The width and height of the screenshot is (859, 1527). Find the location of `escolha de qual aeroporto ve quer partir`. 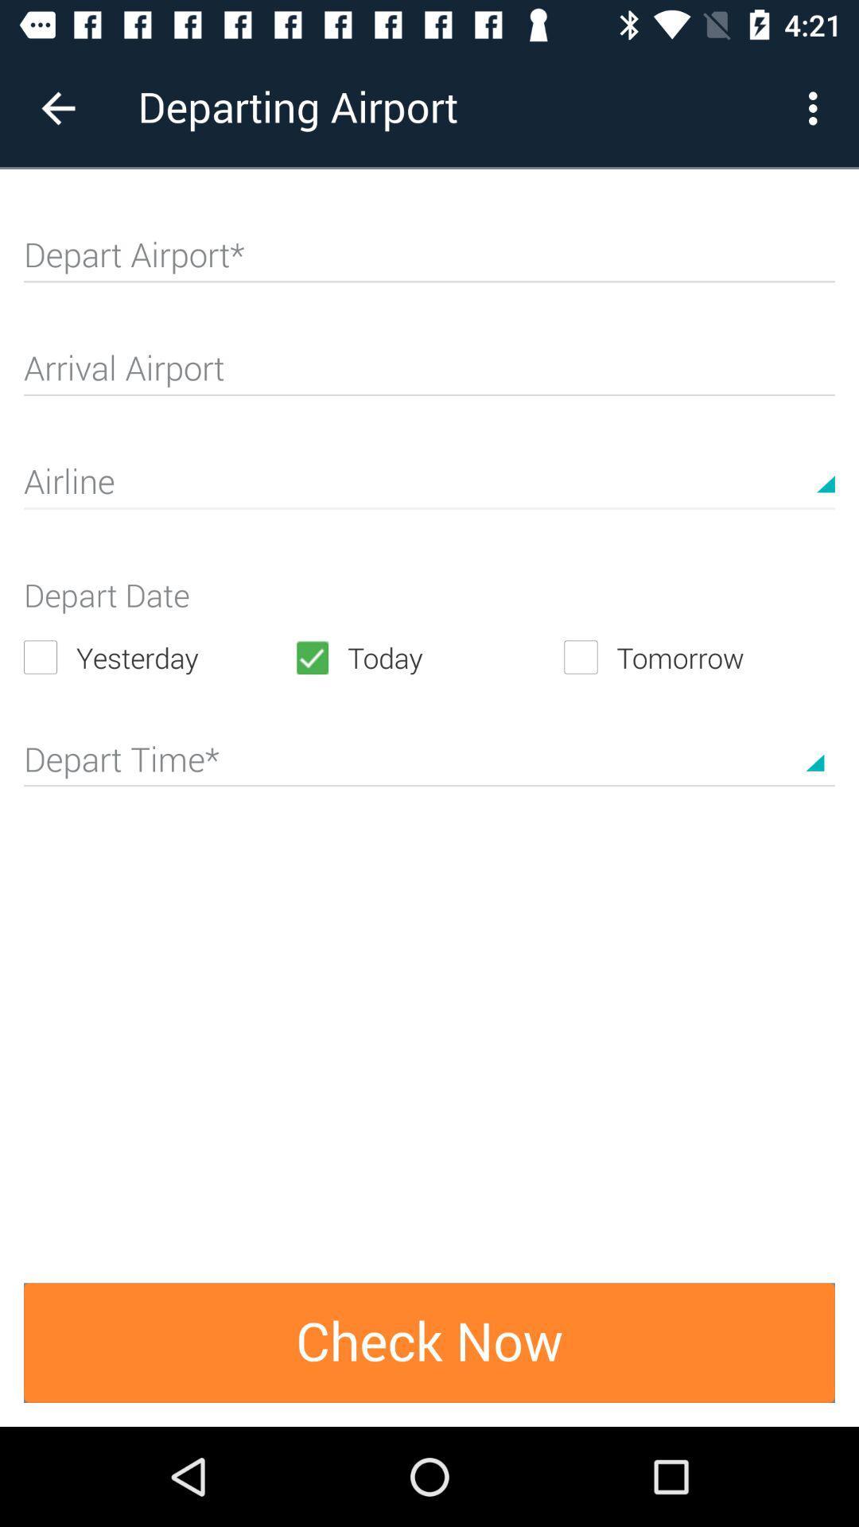

escolha de qual aeroporto ve quer partir is located at coordinates (429, 262).